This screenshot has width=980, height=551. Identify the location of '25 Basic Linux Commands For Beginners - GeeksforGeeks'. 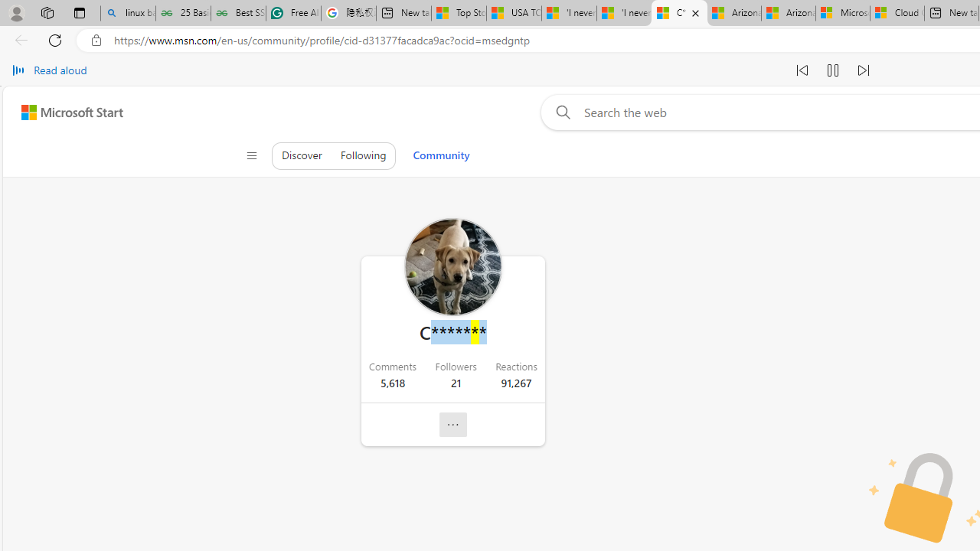
(183, 13).